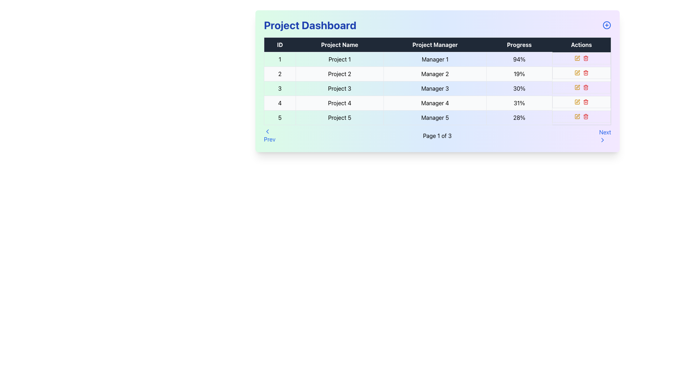  Describe the element at coordinates (602, 140) in the screenshot. I see `the right-pointing chevron arrow icon located near the 'Next' text` at that location.